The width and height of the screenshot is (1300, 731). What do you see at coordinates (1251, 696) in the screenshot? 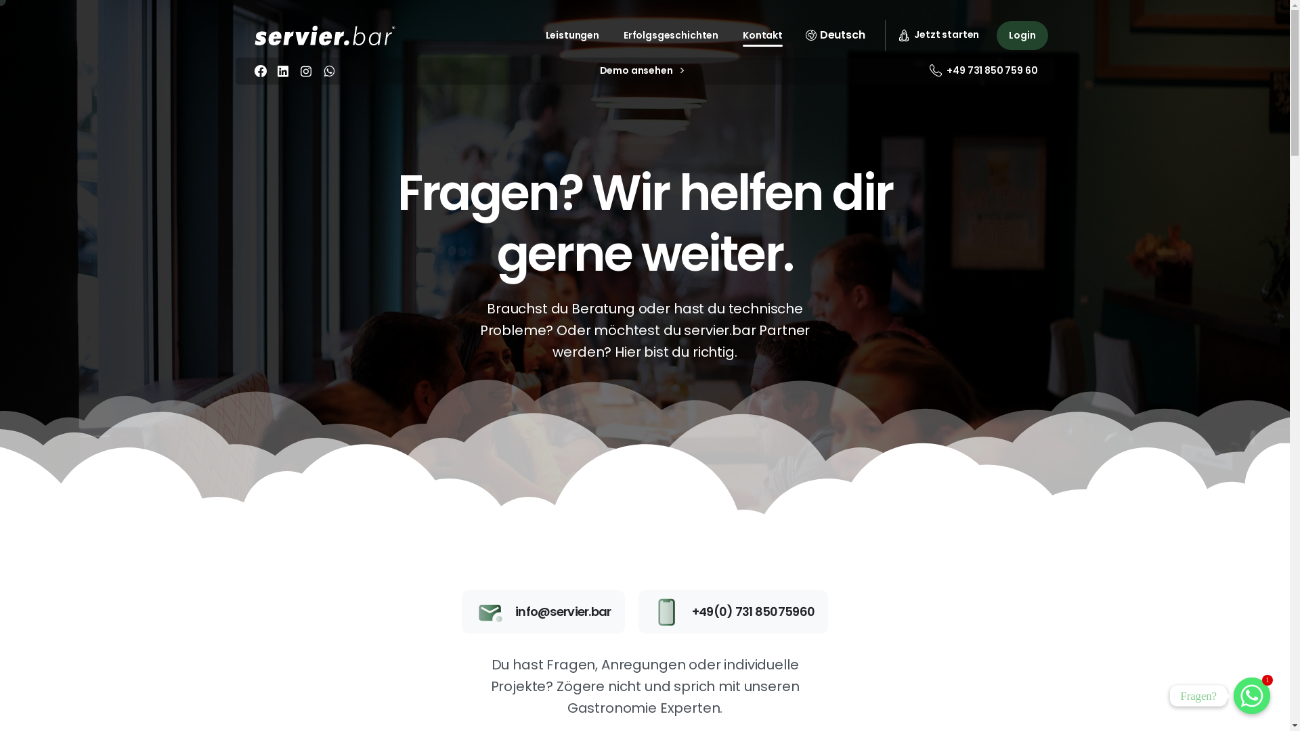
I see `'1` at bounding box center [1251, 696].